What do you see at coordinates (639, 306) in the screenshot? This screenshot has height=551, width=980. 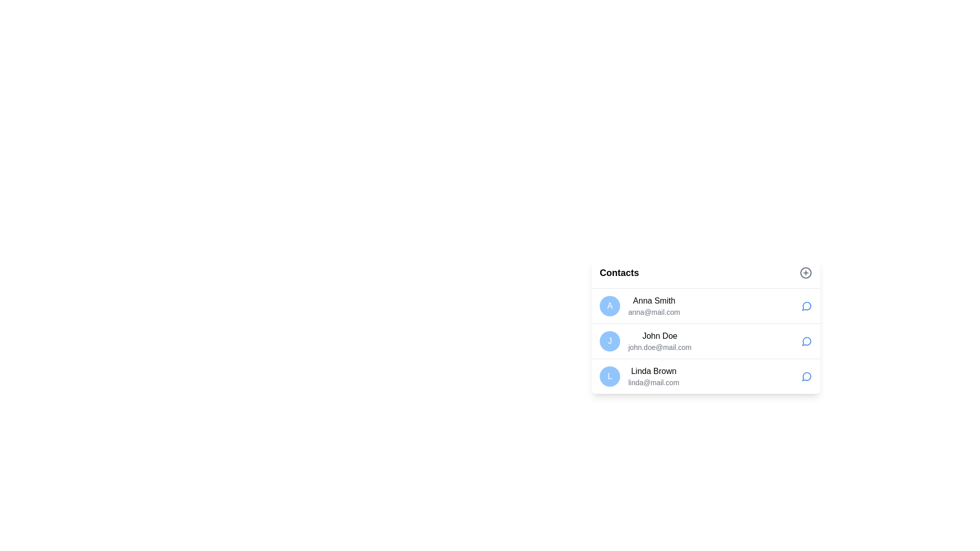 I see `the profile entry for 'Anna Smith', which consists of a blue circular icon with a white letter 'A' and includes the name 'Anna Smith' and email 'anna@mail.com'` at bounding box center [639, 306].